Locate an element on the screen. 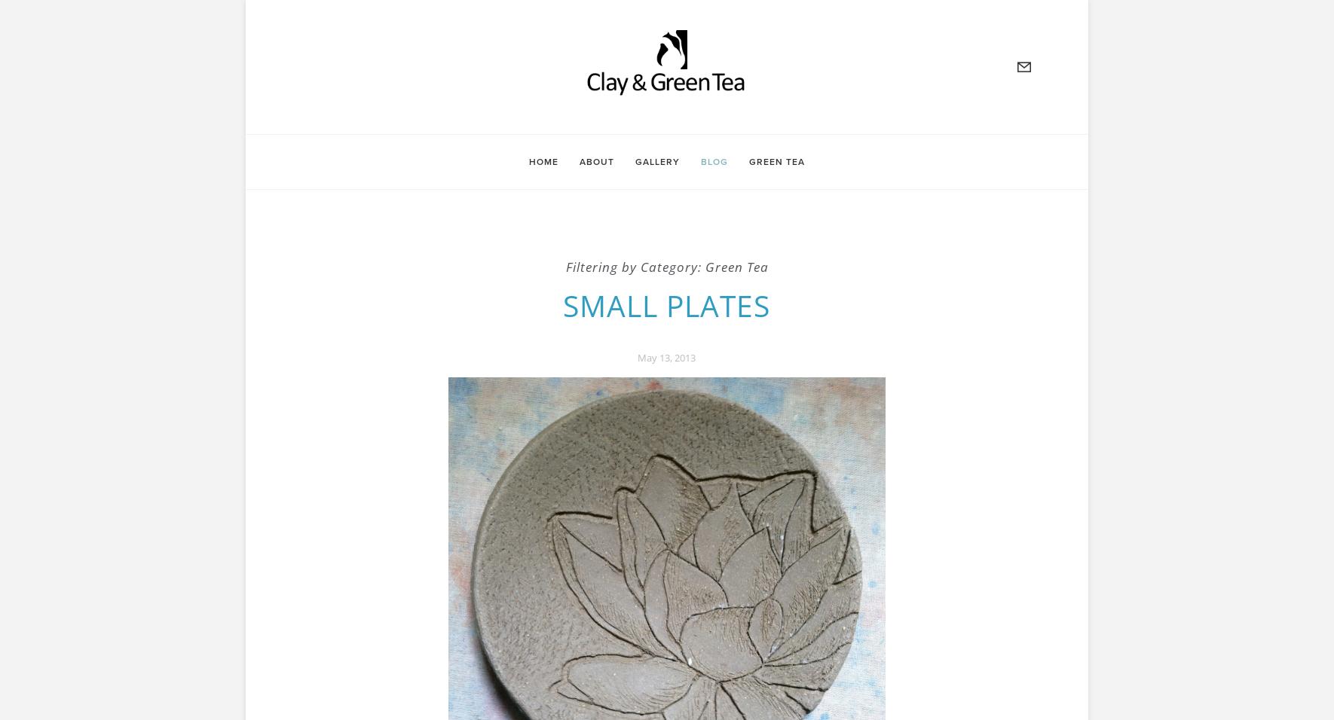 The height and width of the screenshot is (720, 1334). 'Contact Us' is located at coordinates (301, 155).